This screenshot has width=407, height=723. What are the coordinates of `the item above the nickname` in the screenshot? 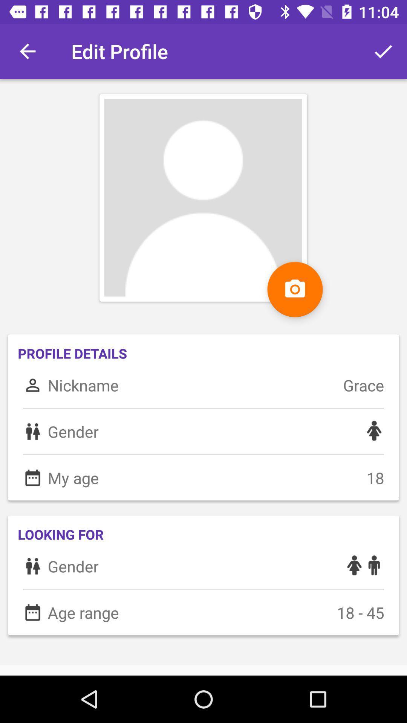 It's located at (295, 289).